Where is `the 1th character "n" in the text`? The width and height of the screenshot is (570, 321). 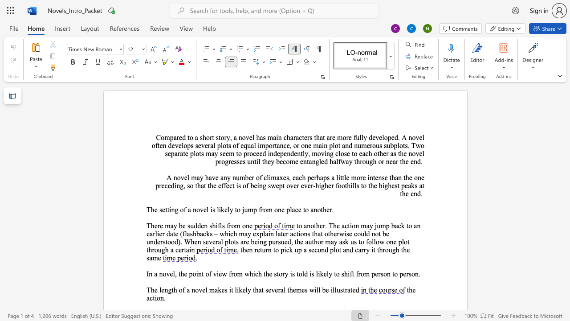 the 1th character "n" in the text is located at coordinates (371, 177).